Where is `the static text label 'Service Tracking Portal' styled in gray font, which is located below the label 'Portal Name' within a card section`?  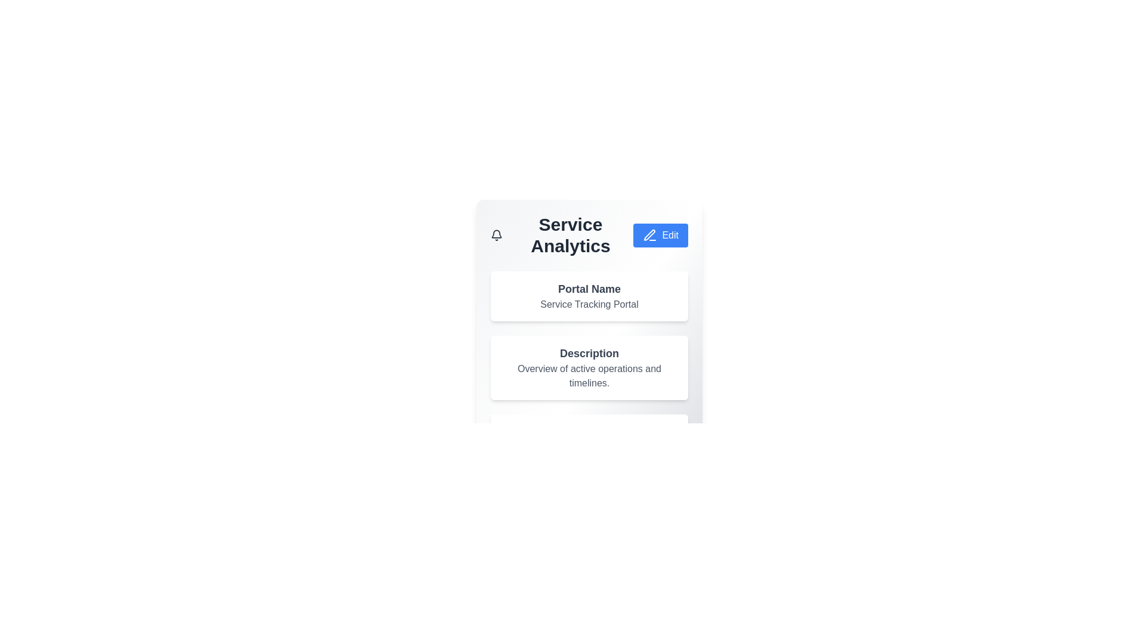
the static text label 'Service Tracking Portal' styled in gray font, which is located below the label 'Portal Name' within a card section is located at coordinates (589, 304).